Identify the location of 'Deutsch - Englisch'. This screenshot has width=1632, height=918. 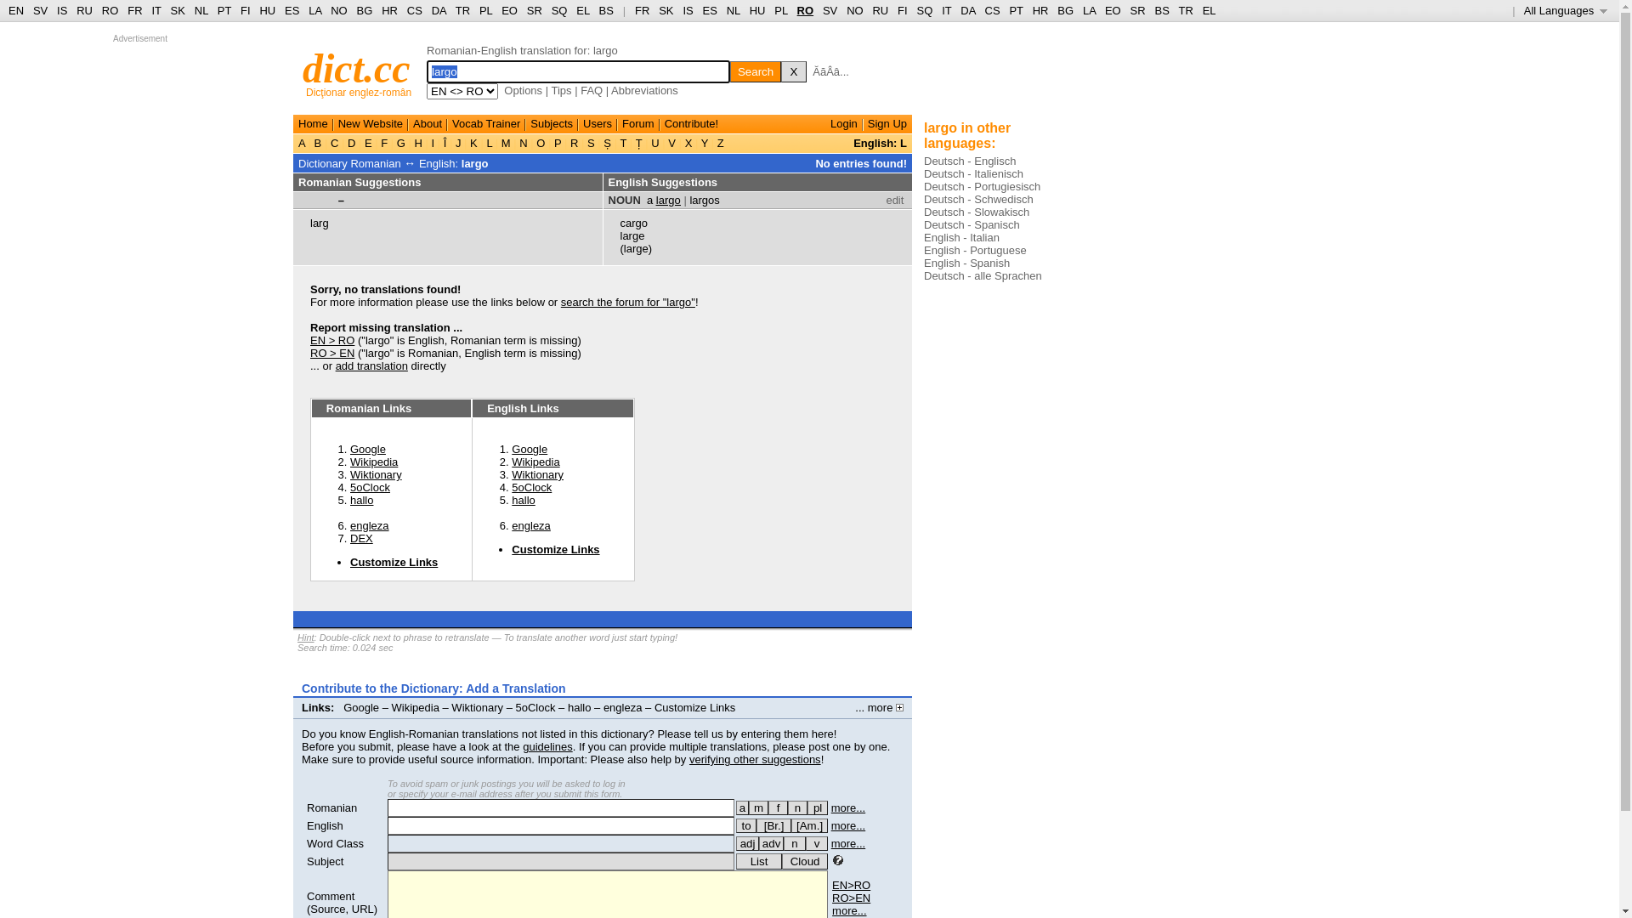
(970, 161).